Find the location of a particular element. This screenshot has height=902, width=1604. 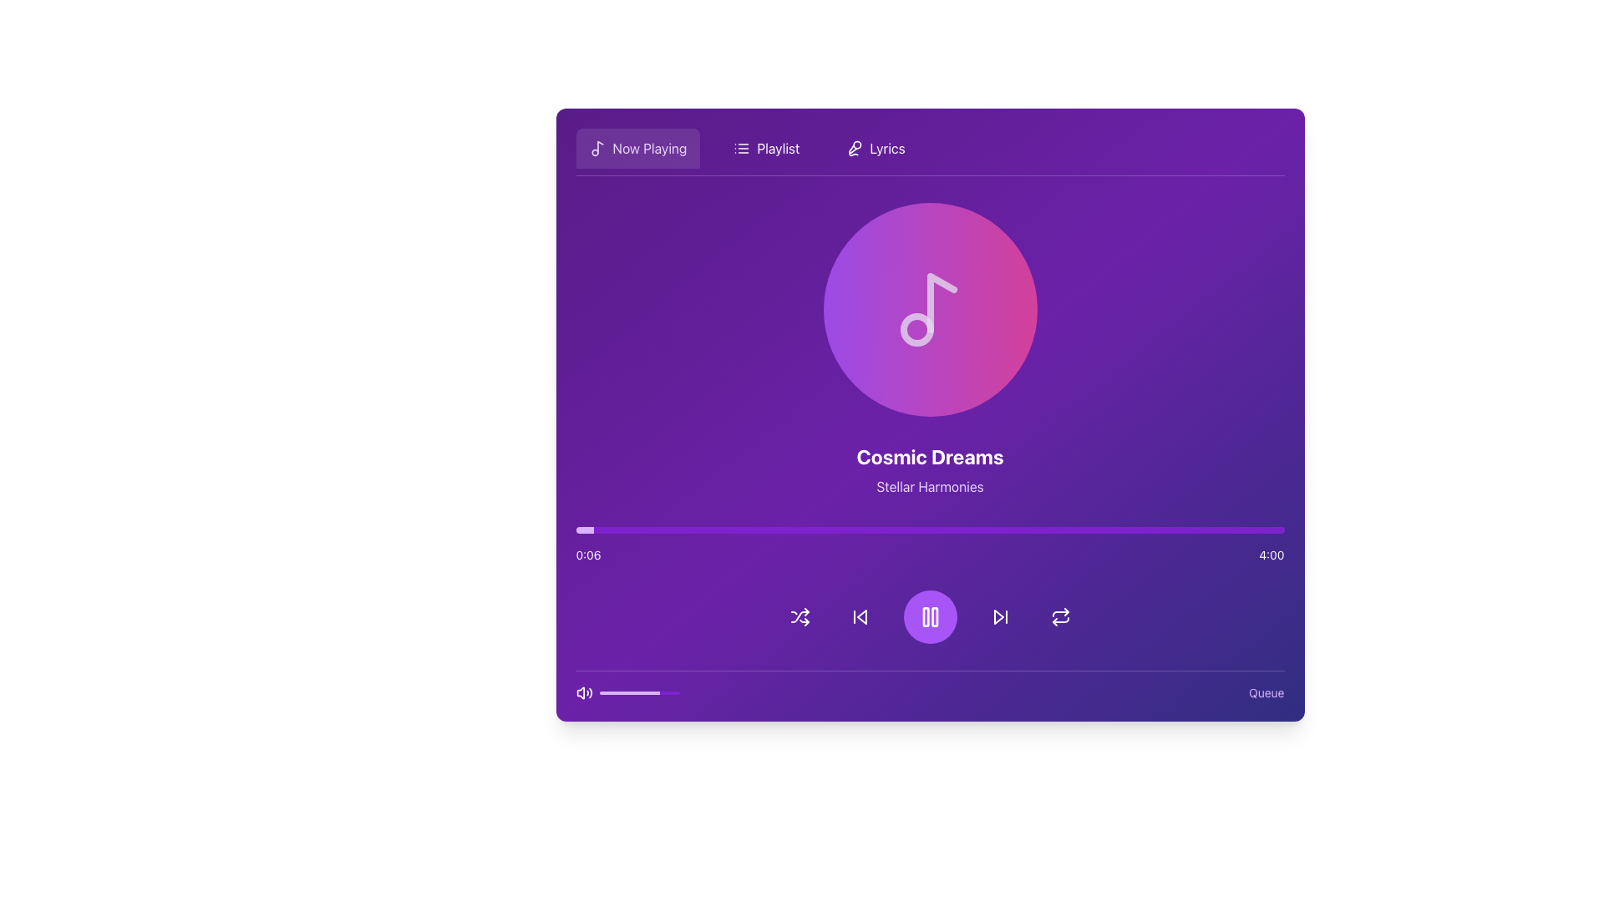

the Tab Navigation component located at the top-center of the application is located at coordinates (929, 152).